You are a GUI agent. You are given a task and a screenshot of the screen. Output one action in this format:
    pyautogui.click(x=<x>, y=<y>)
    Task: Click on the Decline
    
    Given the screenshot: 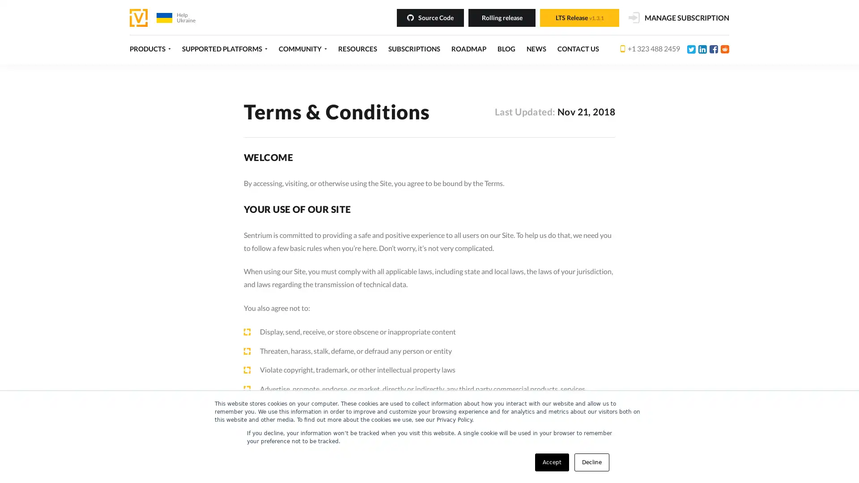 What is the action you would take?
    pyautogui.click(x=592, y=462)
    